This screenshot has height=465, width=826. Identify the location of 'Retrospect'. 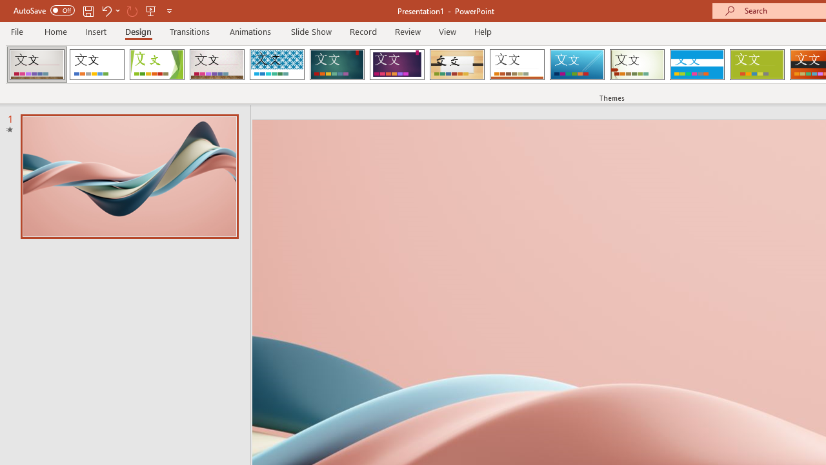
(517, 65).